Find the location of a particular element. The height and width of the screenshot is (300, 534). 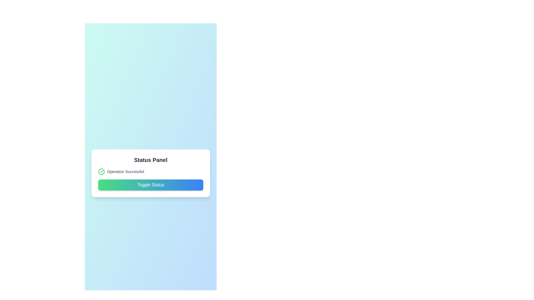

the green checkmark icon that indicates a successful status, located to the left of the 'Operation Successful' text is located at coordinates (101, 171).